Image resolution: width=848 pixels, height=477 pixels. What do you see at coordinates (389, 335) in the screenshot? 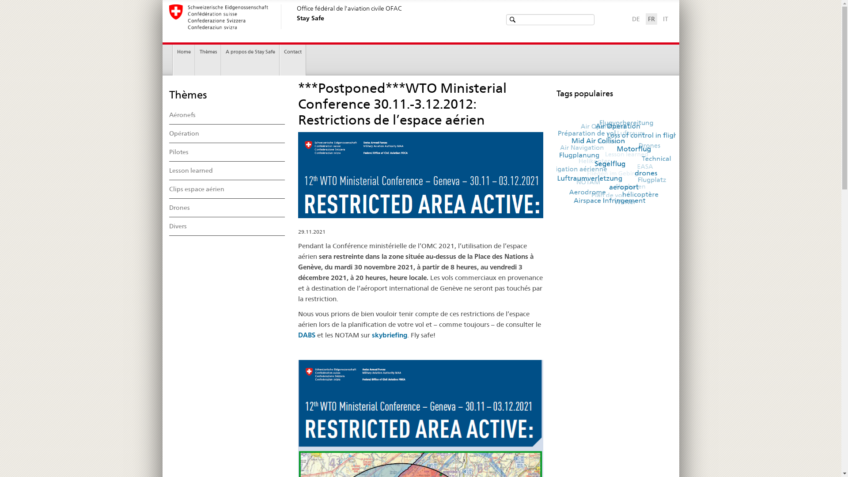
I see `'skybriefing'` at bounding box center [389, 335].